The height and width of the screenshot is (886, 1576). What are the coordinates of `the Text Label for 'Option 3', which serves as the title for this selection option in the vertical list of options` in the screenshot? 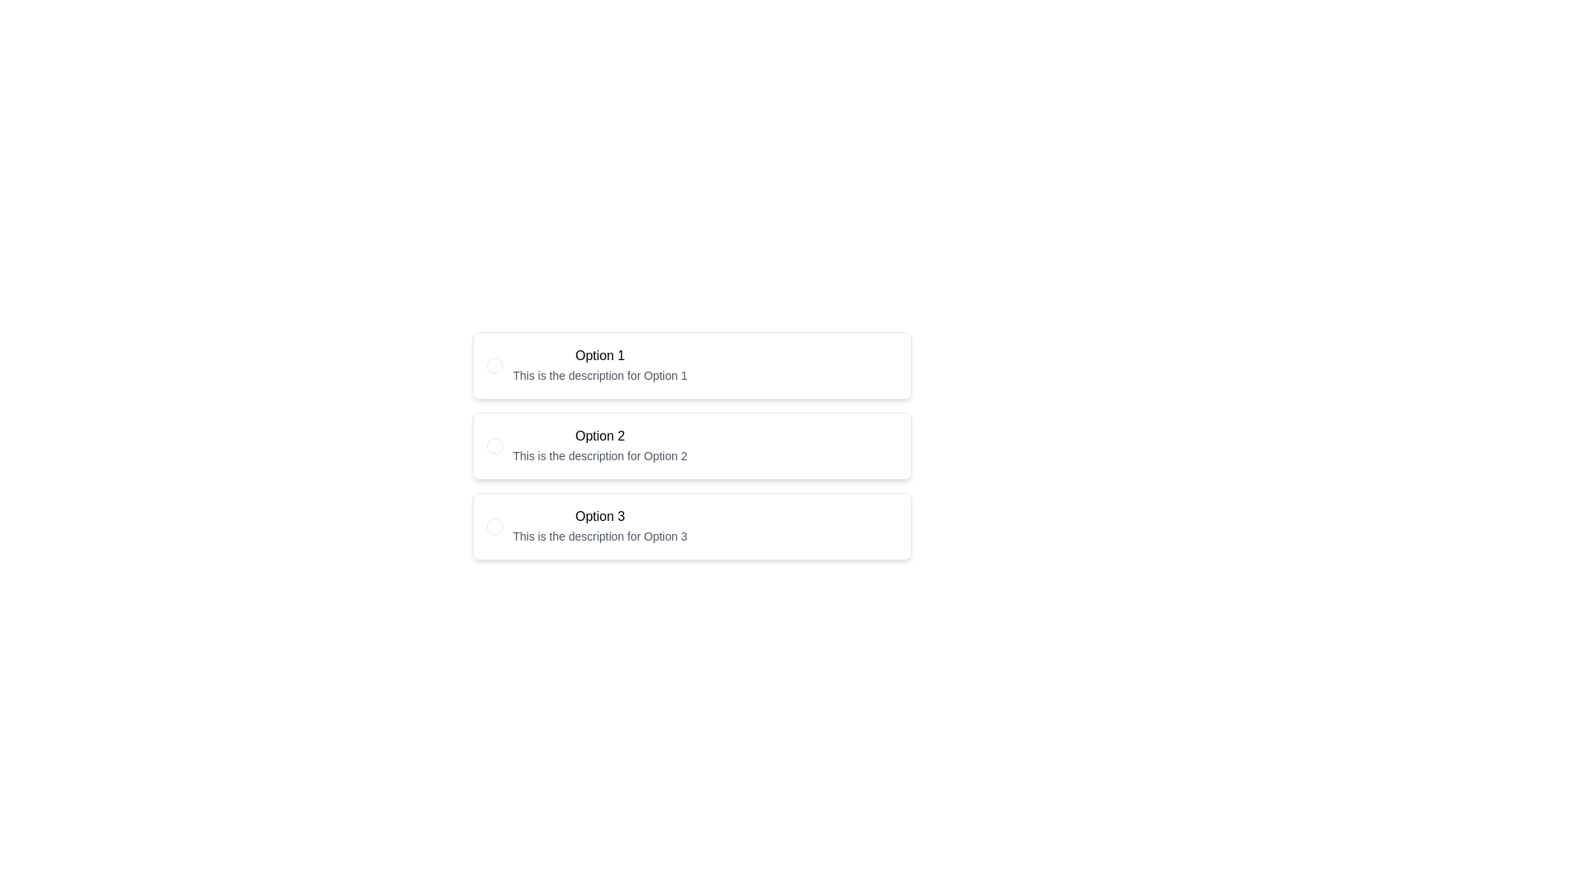 It's located at (599, 515).